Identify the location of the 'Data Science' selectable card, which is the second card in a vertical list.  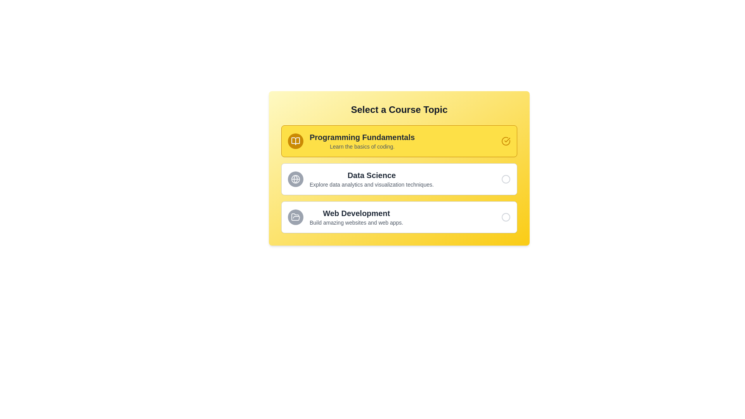
(399, 179).